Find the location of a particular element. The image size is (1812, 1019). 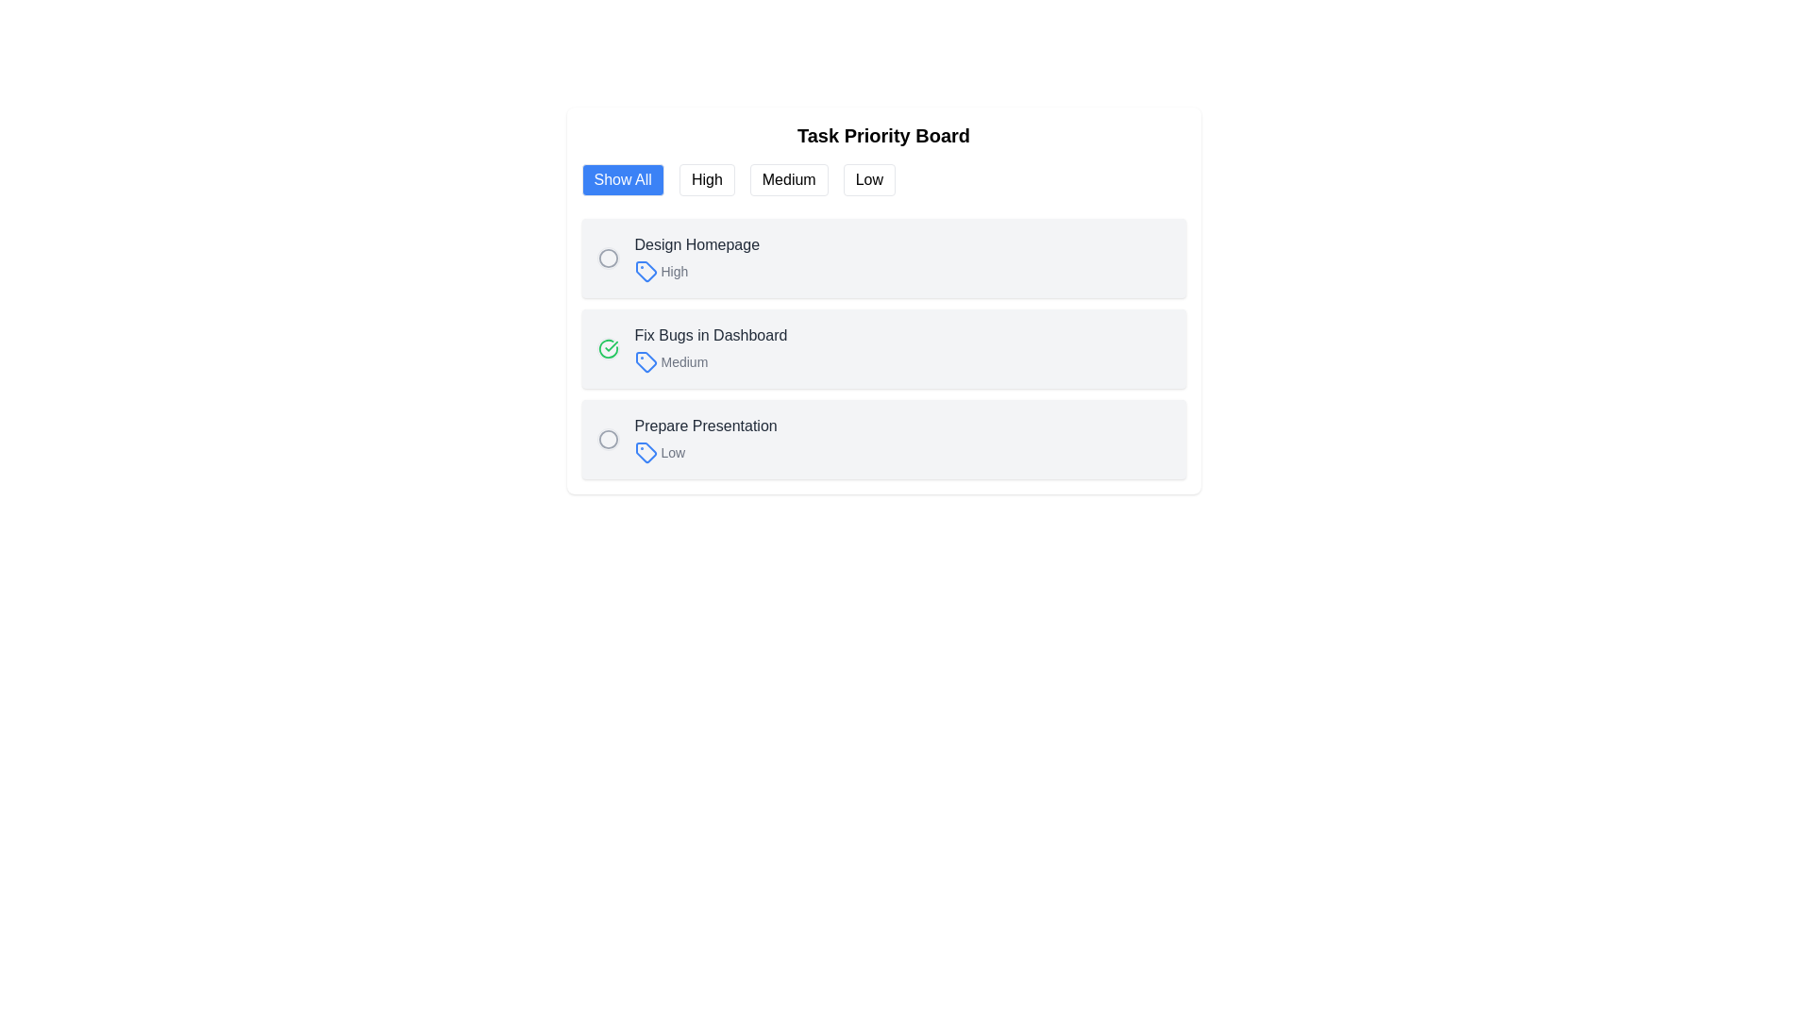

the Text Label that displays the title of a task item, located in the second row of the task listing section, next to the 'Medium' label and to the left of the checkmark icon is located at coordinates (710, 334).